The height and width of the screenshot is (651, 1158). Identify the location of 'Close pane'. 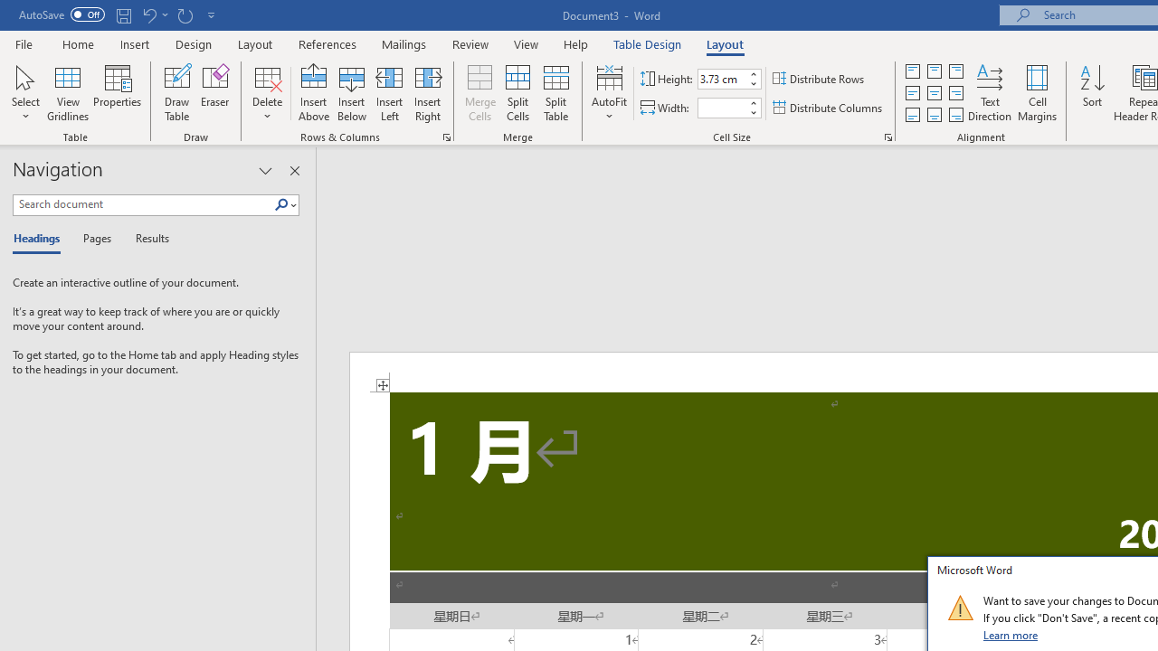
(294, 171).